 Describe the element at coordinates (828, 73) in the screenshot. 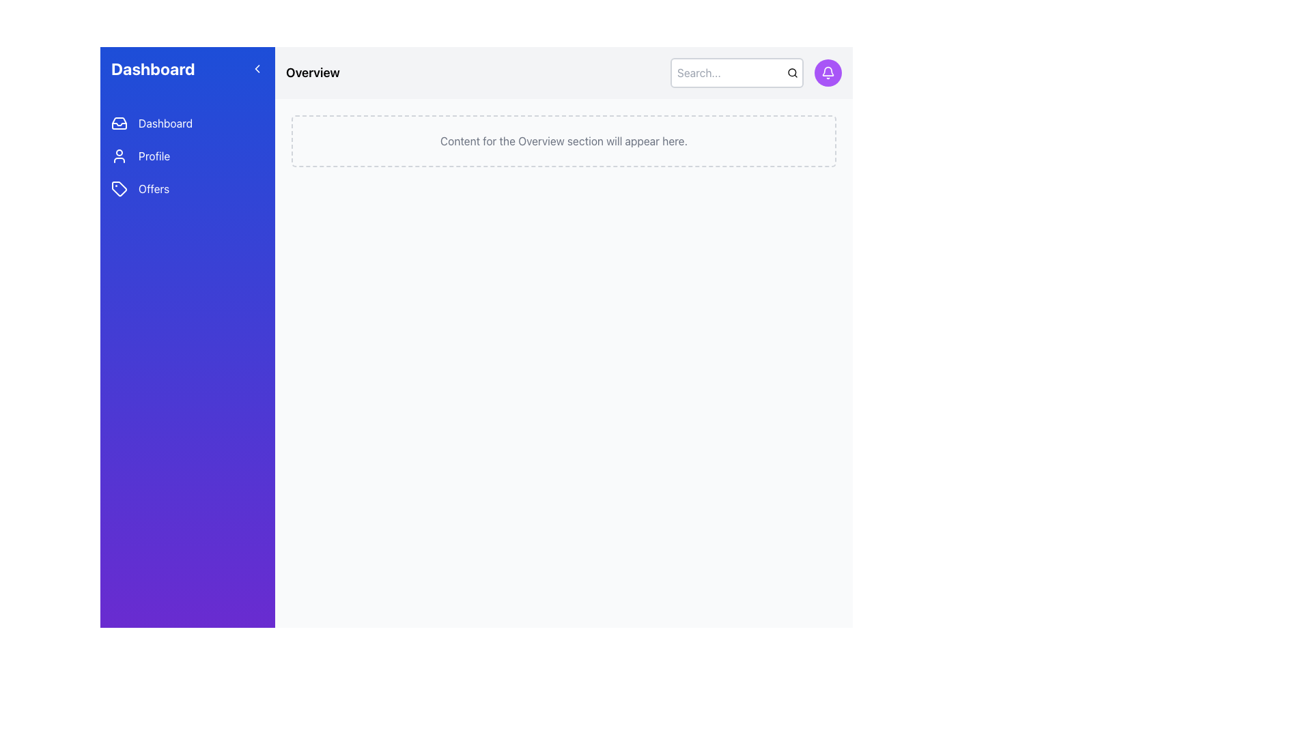

I see `the circular button with a purple background and white bell icon located at the top-right corner of the interface` at that location.